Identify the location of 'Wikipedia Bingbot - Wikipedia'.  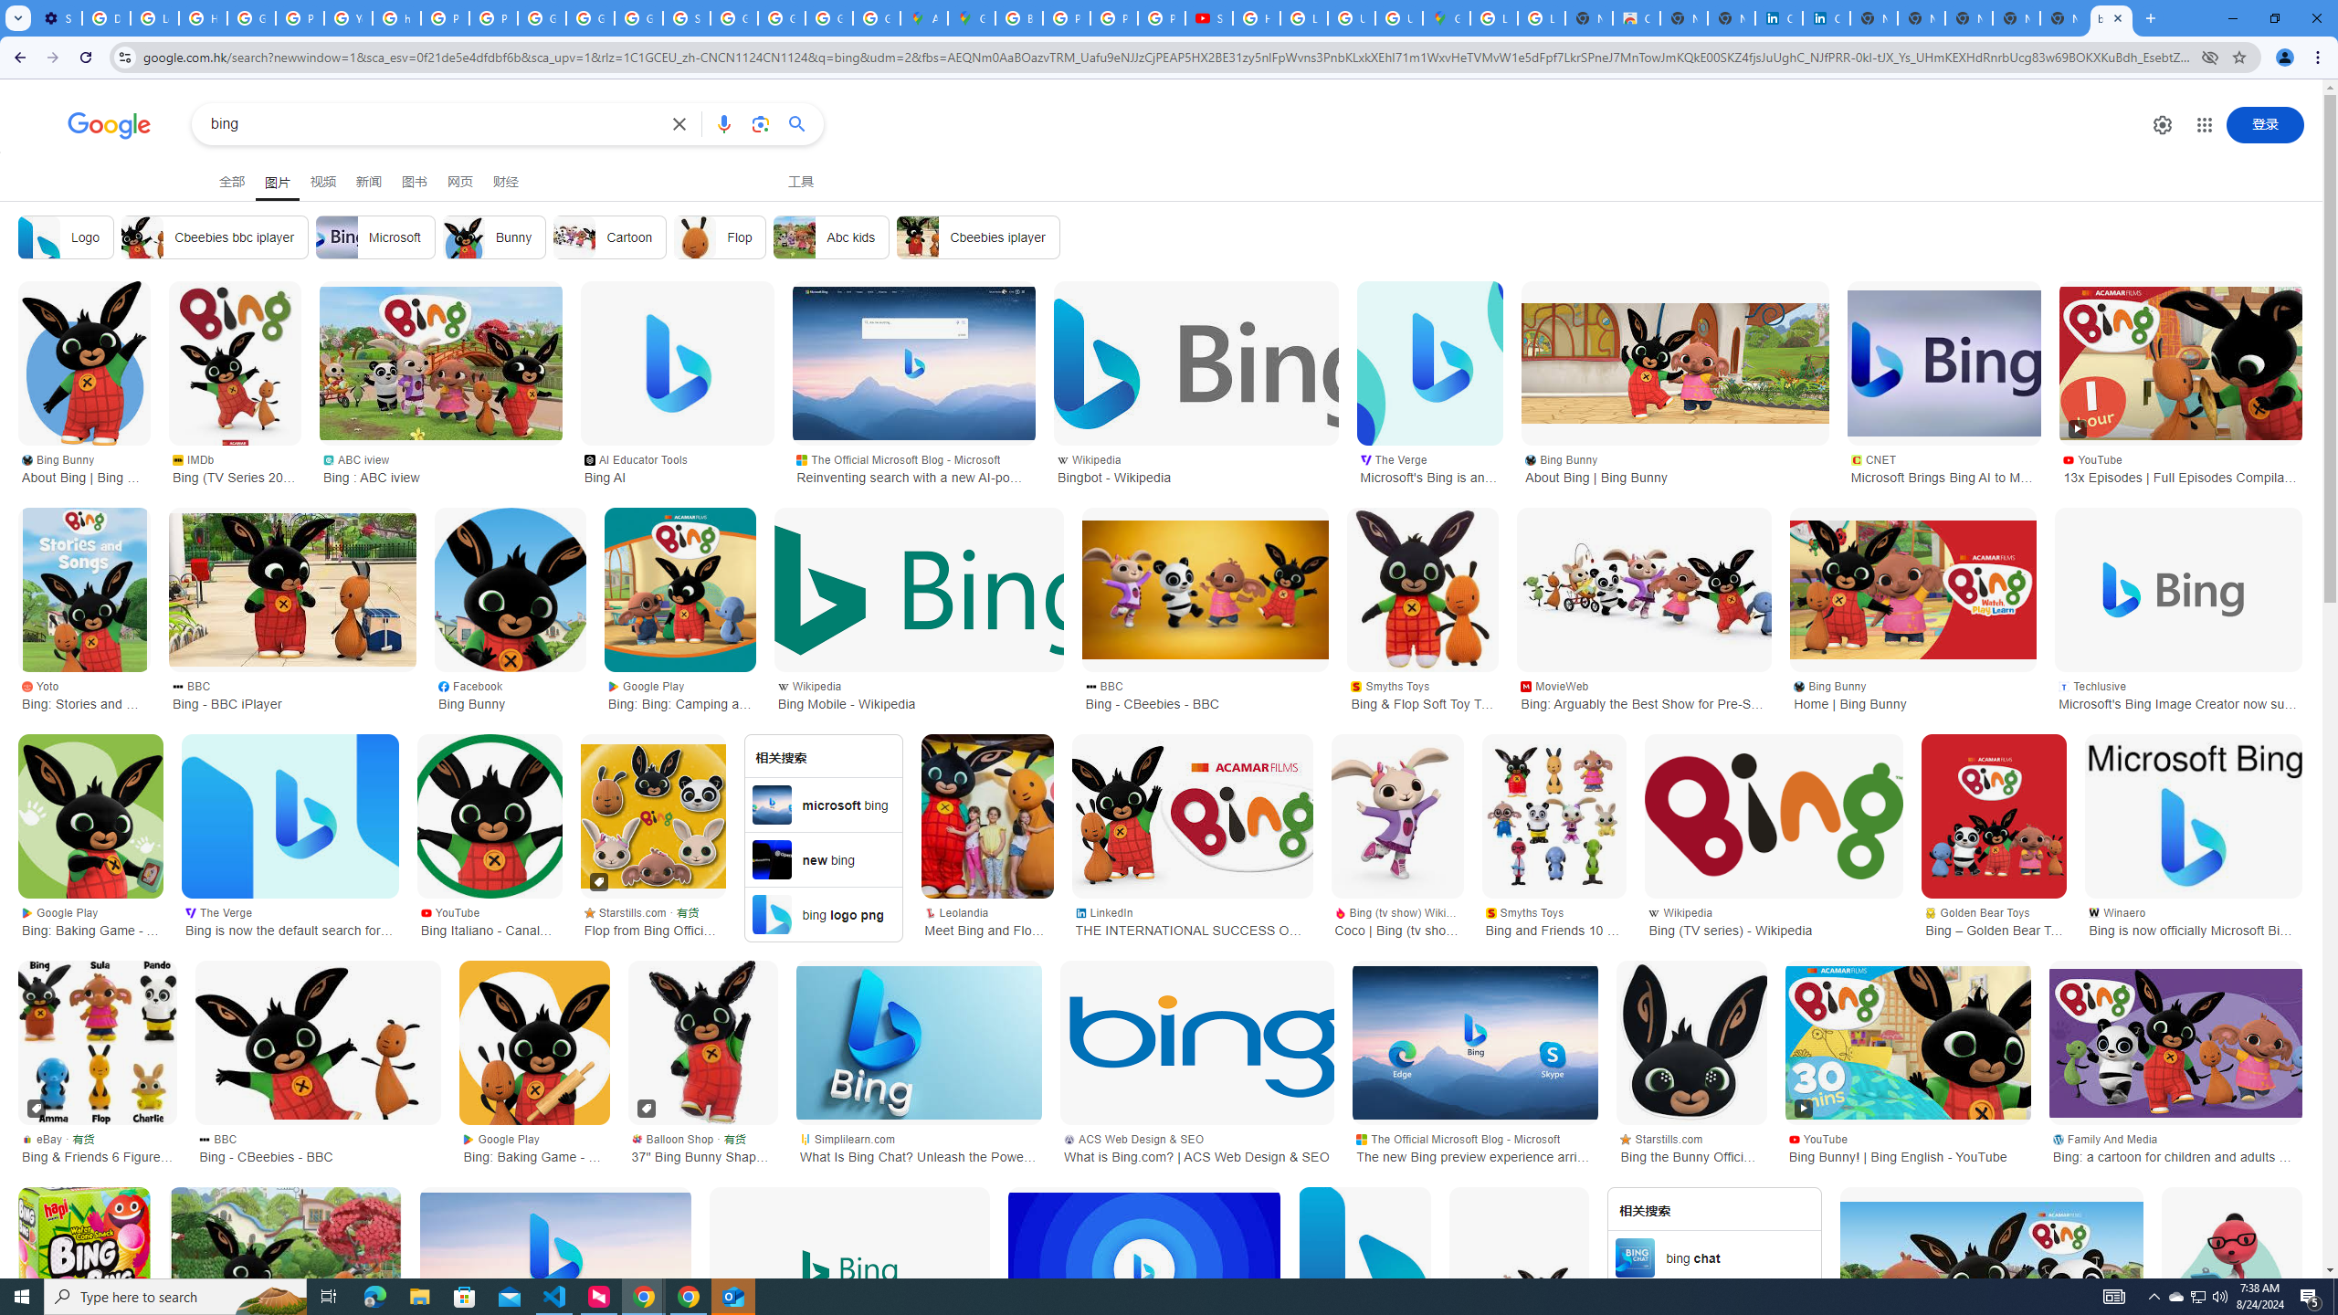
(1195, 466).